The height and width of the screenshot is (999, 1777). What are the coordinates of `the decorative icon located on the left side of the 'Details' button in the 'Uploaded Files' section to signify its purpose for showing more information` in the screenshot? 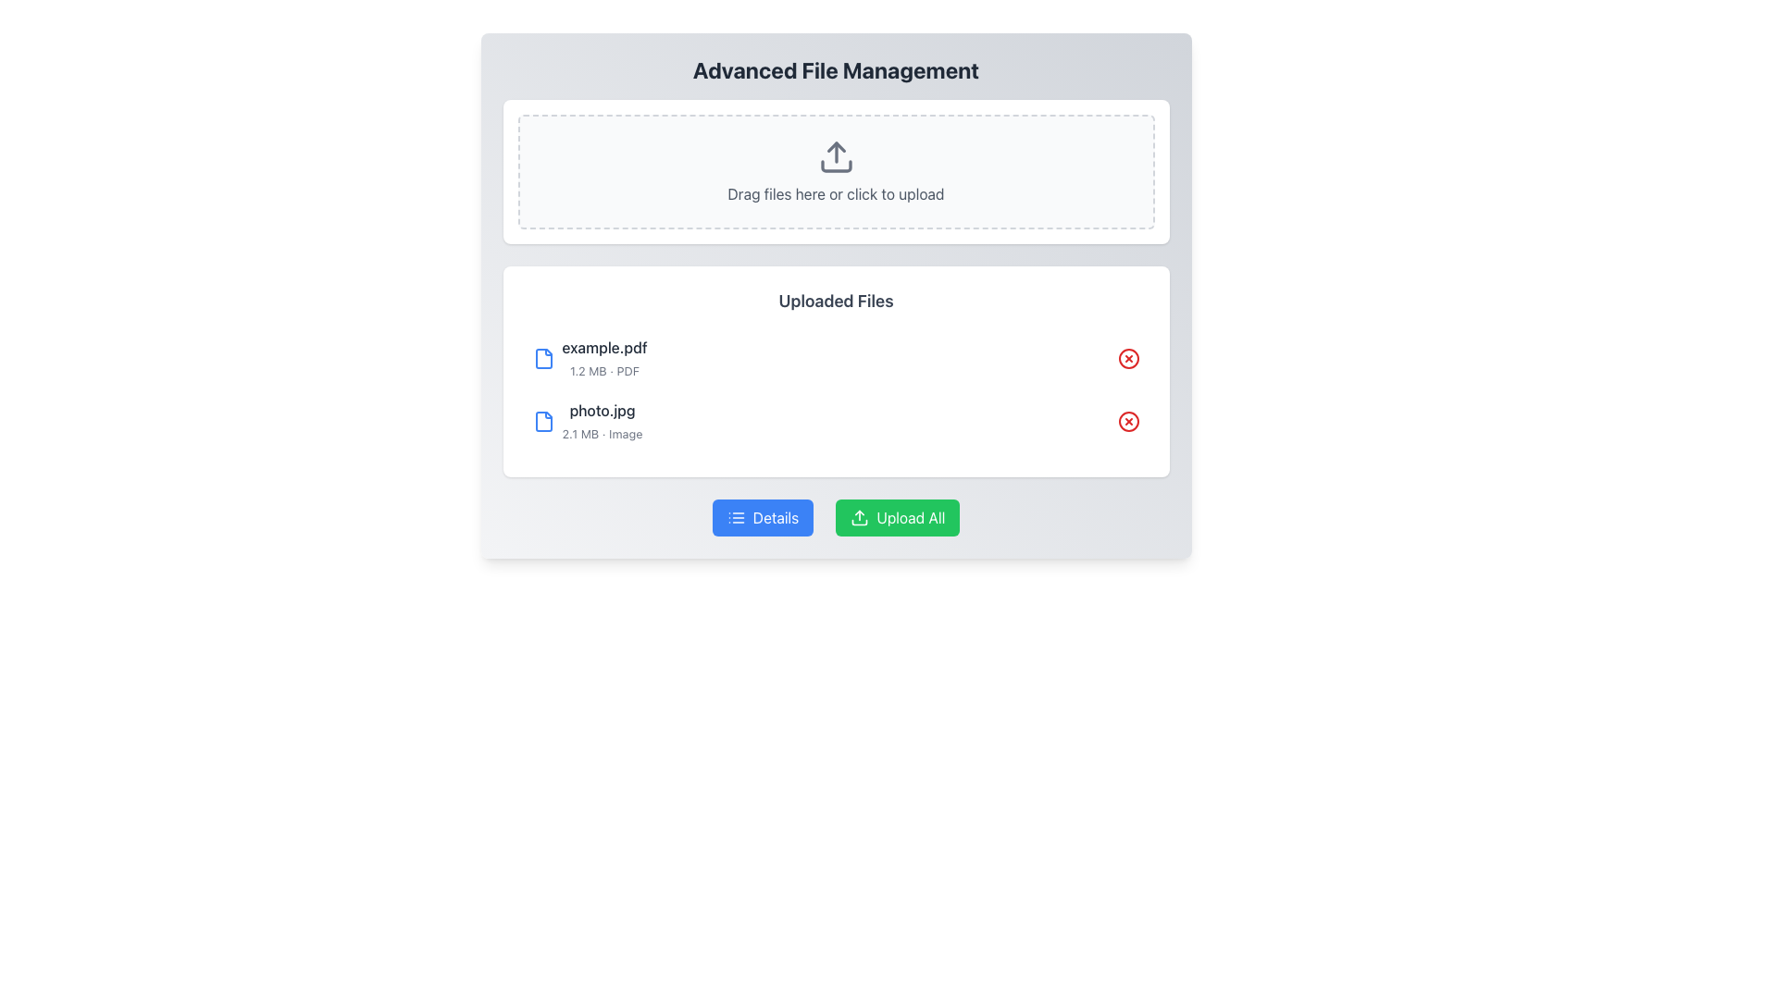 It's located at (735, 517).